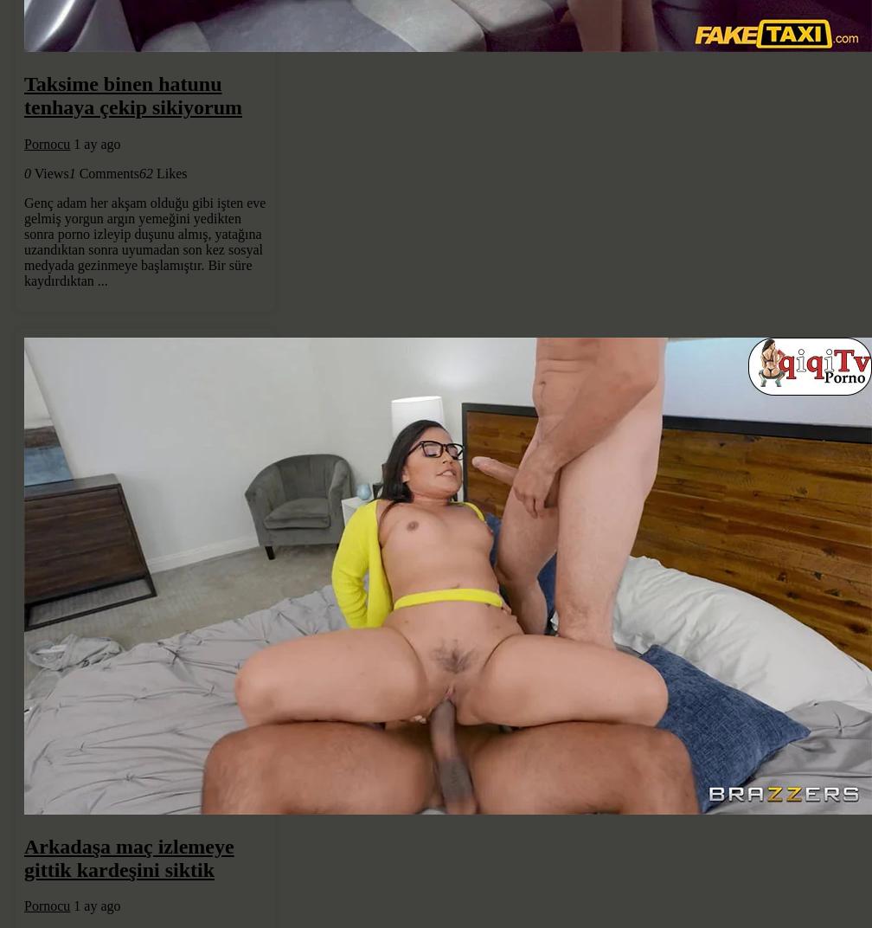 Image resolution: width=872 pixels, height=928 pixels. What do you see at coordinates (156, 171) in the screenshot?
I see `'Likes'` at bounding box center [156, 171].